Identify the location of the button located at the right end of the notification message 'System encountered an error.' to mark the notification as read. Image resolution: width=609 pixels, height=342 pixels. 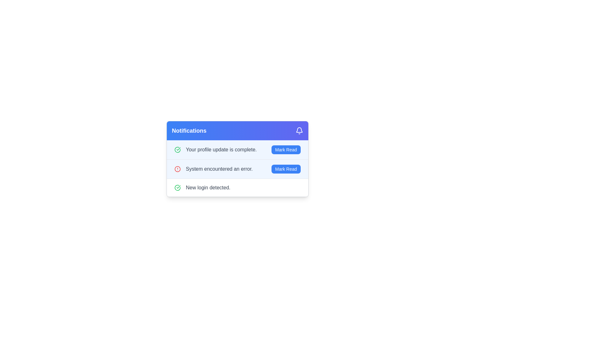
(285, 168).